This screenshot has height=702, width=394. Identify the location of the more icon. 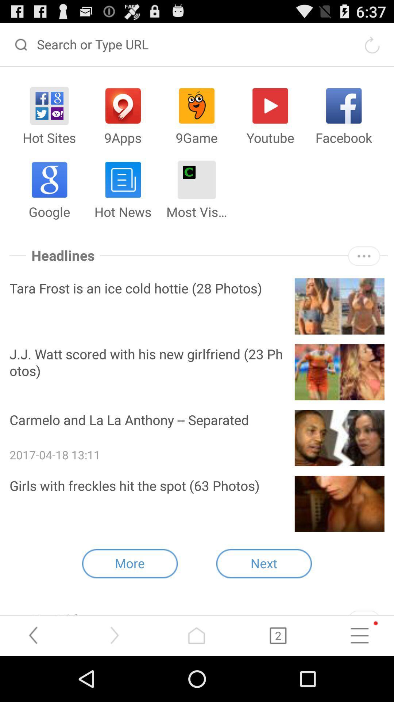
(364, 273).